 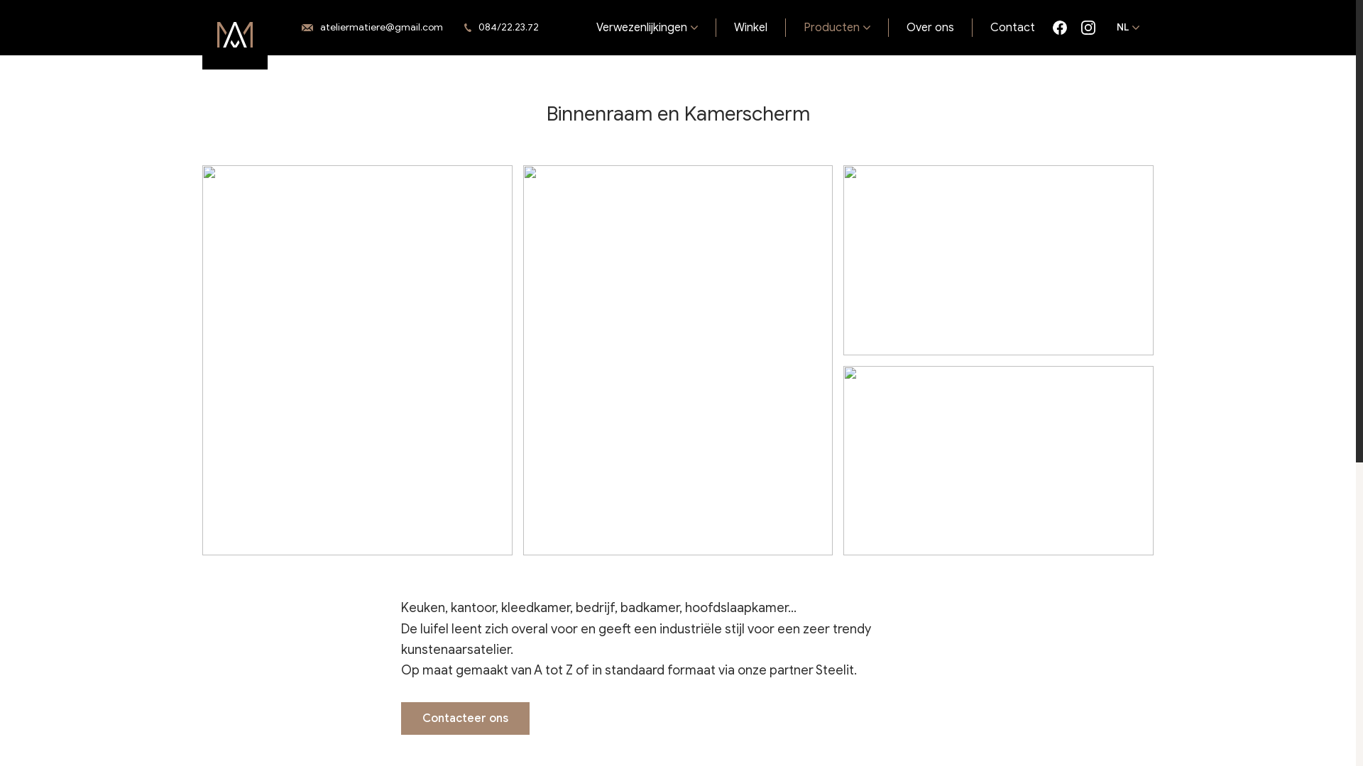 I want to click on 'Contacteer ons', so click(x=465, y=718).